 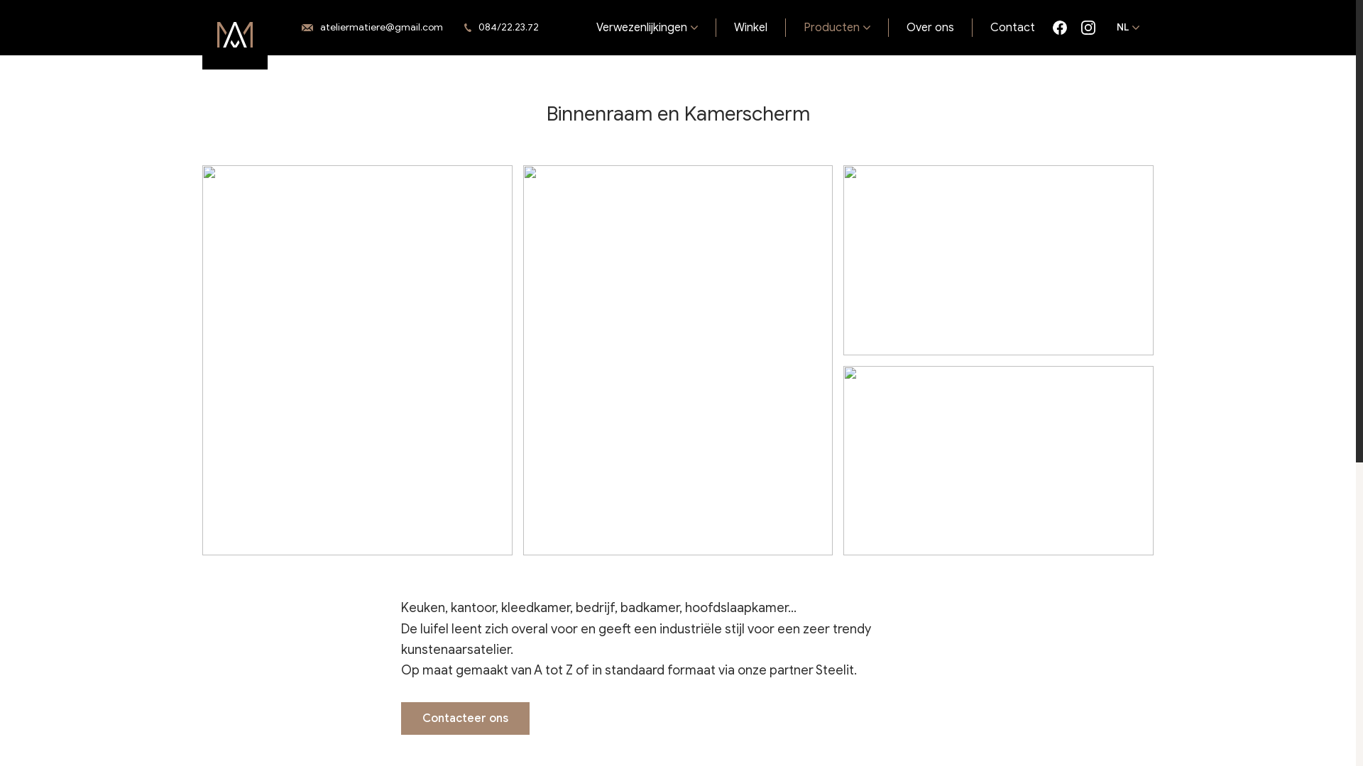 I want to click on 'Contacteer ons', so click(x=465, y=718).